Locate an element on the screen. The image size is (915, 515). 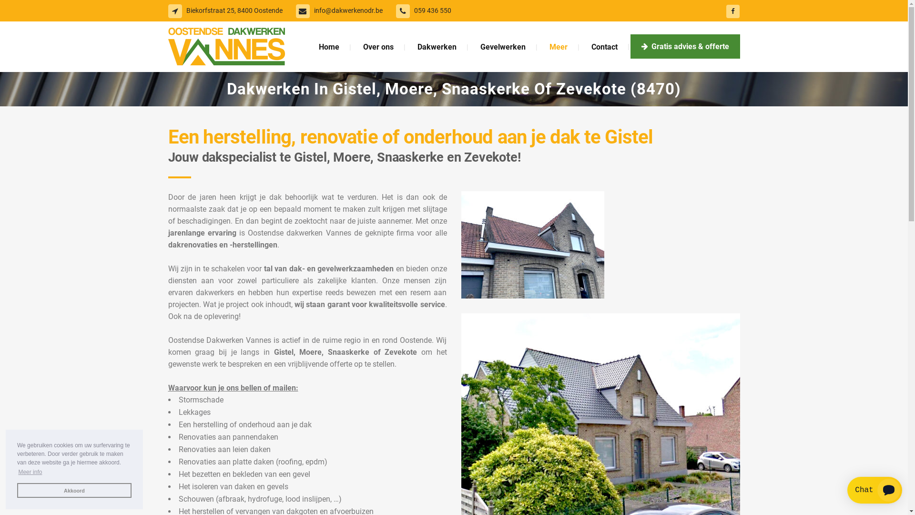
'Over ons' is located at coordinates (377, 47).